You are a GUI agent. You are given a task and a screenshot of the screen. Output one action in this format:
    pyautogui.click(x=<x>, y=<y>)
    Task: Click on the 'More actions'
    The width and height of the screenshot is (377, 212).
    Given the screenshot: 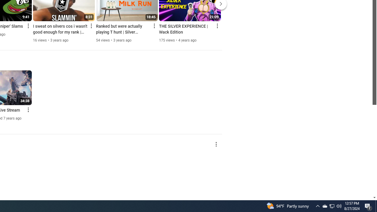 What is the action you would take?
    pyautogui.click(x=216, y=144)
    